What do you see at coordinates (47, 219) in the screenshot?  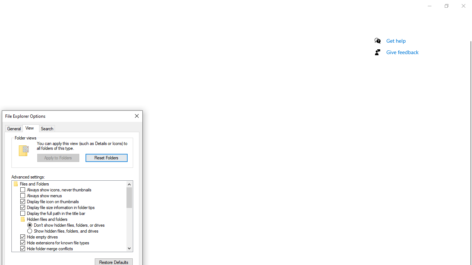 I see `'Hidden files and folders'` at bounding box center [47, 219].